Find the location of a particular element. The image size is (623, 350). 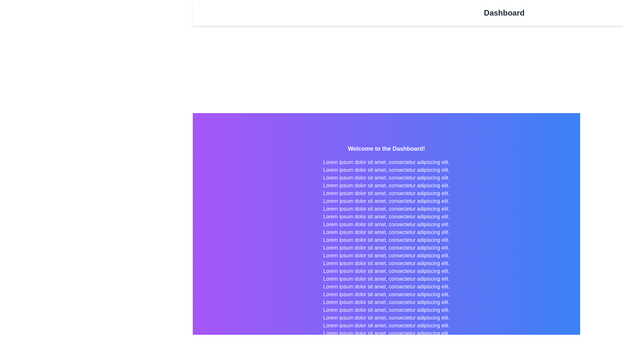

the fifth text item in the vertical list that contains the sentence 'Lorem ipsum dolor sit amet, consectetur adipiscing elit.' styled in white font against a gradient purple-blue background is located at coordinates (386, 186).